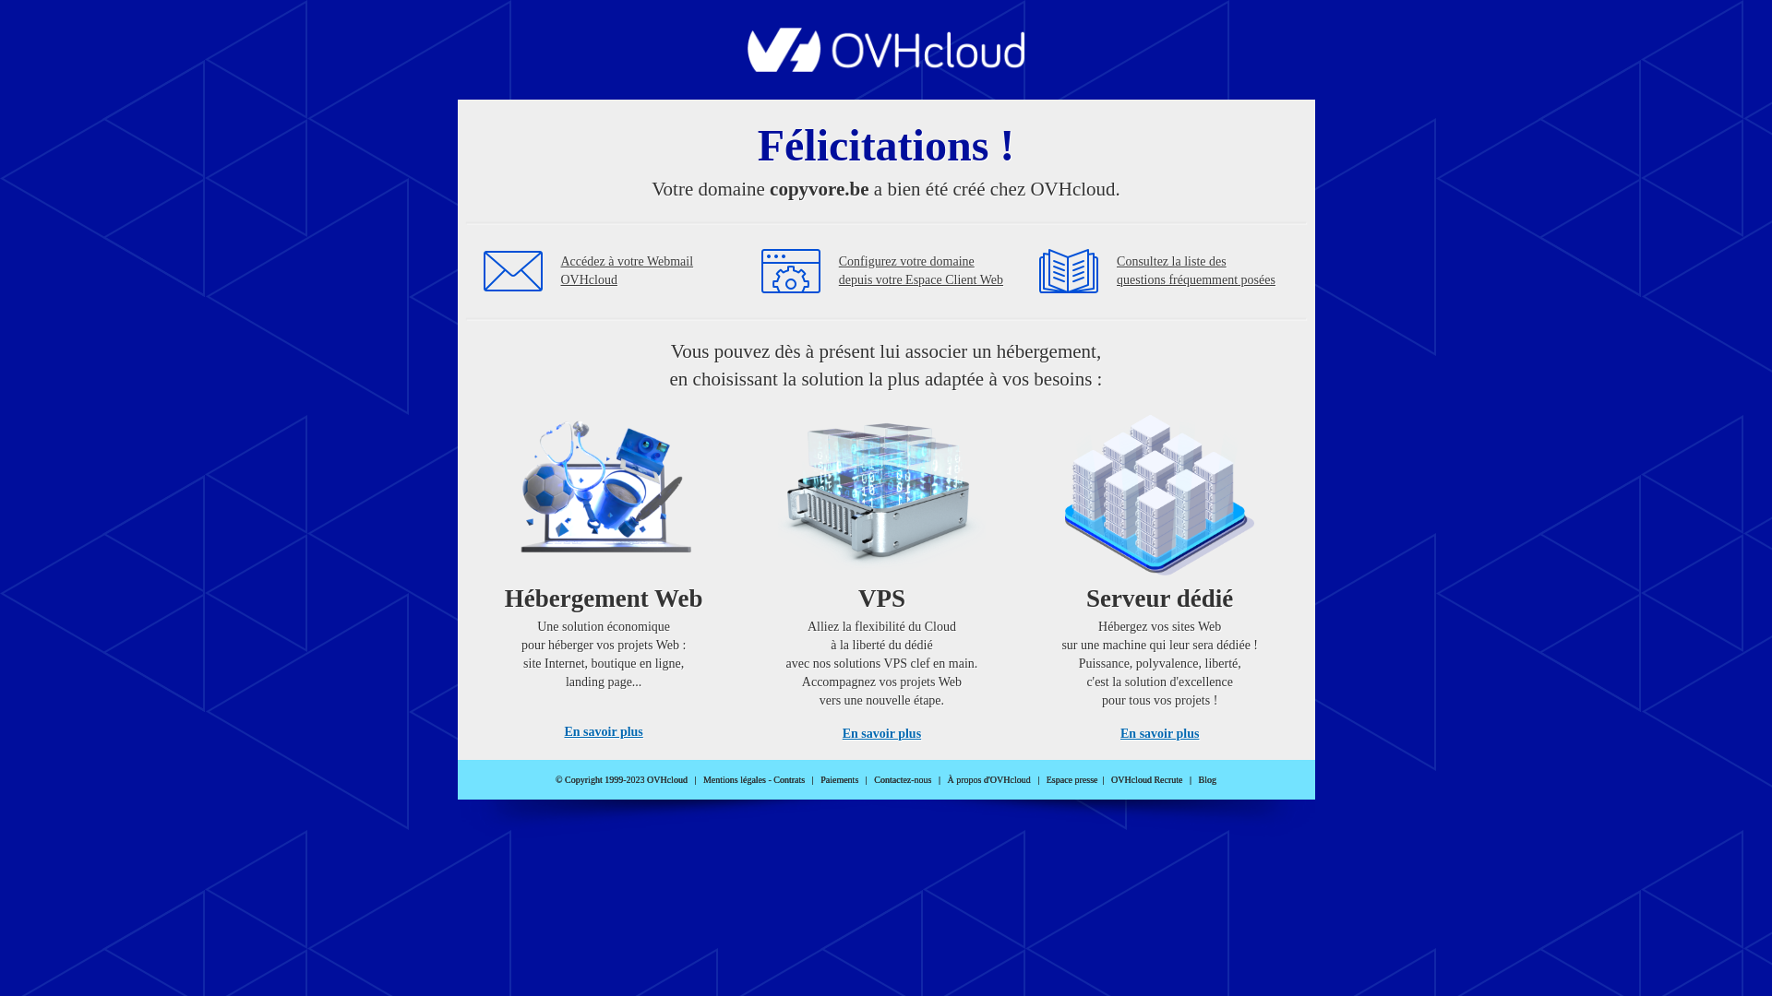 Image resolution: width=1772 pixels, height=996 pixels. Describe the element at coordinates (872, 779) in the screenshot. I see `'Contactez-nous'` at that location.